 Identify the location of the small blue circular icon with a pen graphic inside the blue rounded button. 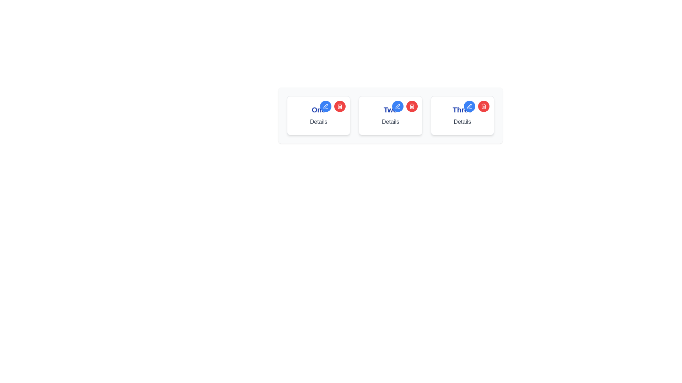
(469, 106).